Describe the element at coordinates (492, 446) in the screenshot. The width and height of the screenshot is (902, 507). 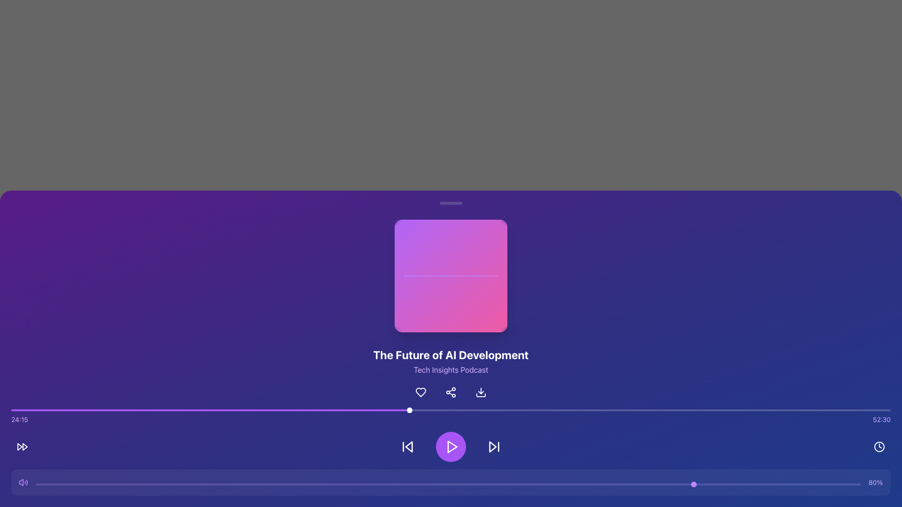
I see `the rightmost triangular-shaped arrow button in the playback controls to skip forward` at that location.